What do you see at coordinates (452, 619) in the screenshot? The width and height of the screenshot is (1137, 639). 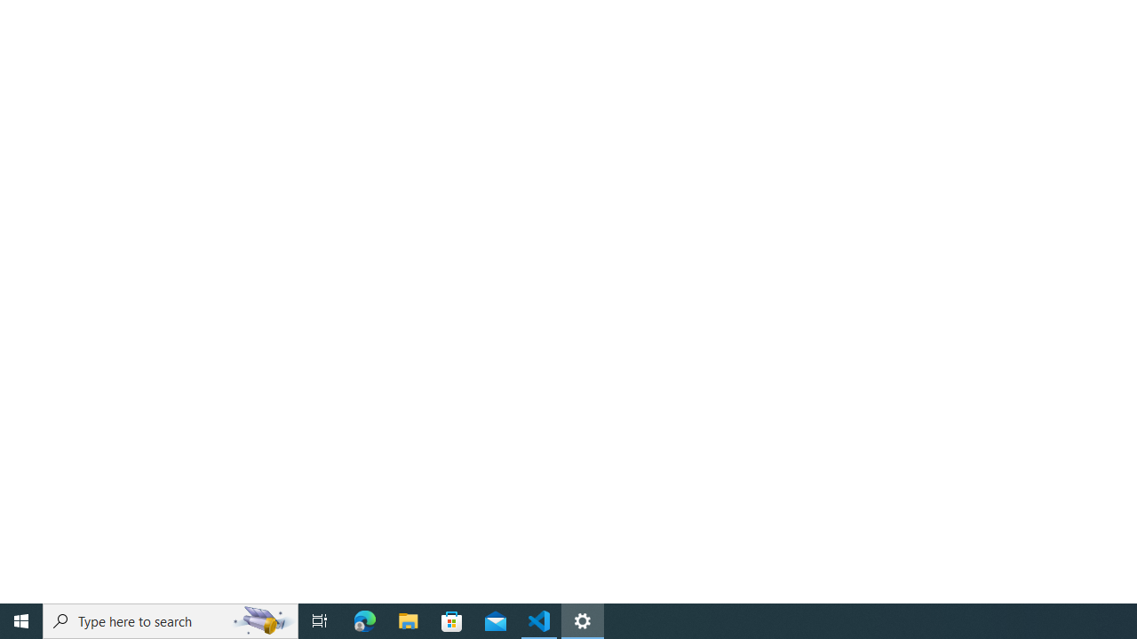 I see `'Microsoft Store'` at bounding box center [452, 619].